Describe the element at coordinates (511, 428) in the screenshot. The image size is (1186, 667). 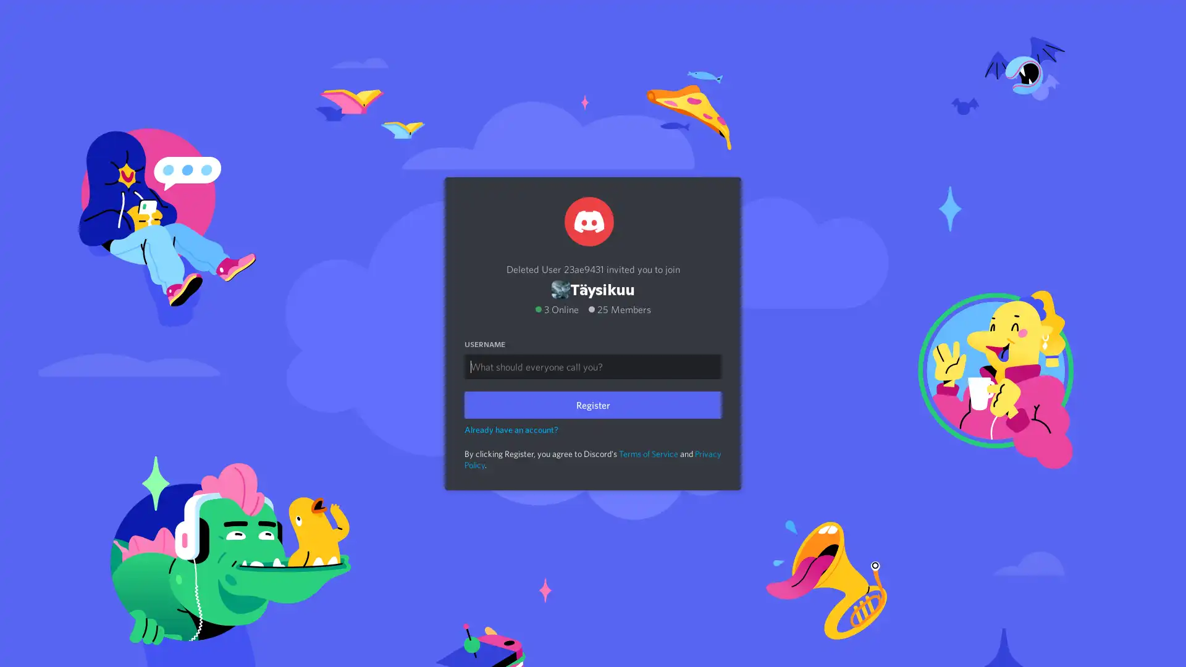
I see `Already have an account?` at that location.